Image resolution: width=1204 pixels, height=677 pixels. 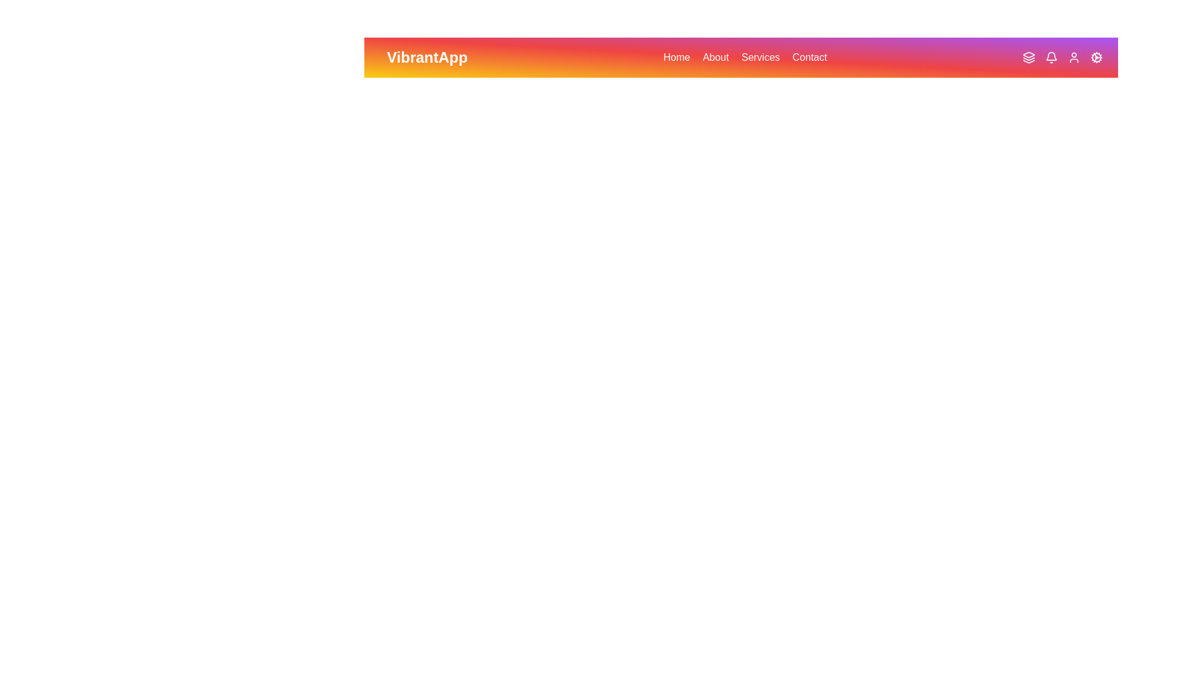 What do you see at coordinates (427, 58) in the screenshot?
I see `the text 'VibrantApp' to select it` at bounding box center [427, 58].